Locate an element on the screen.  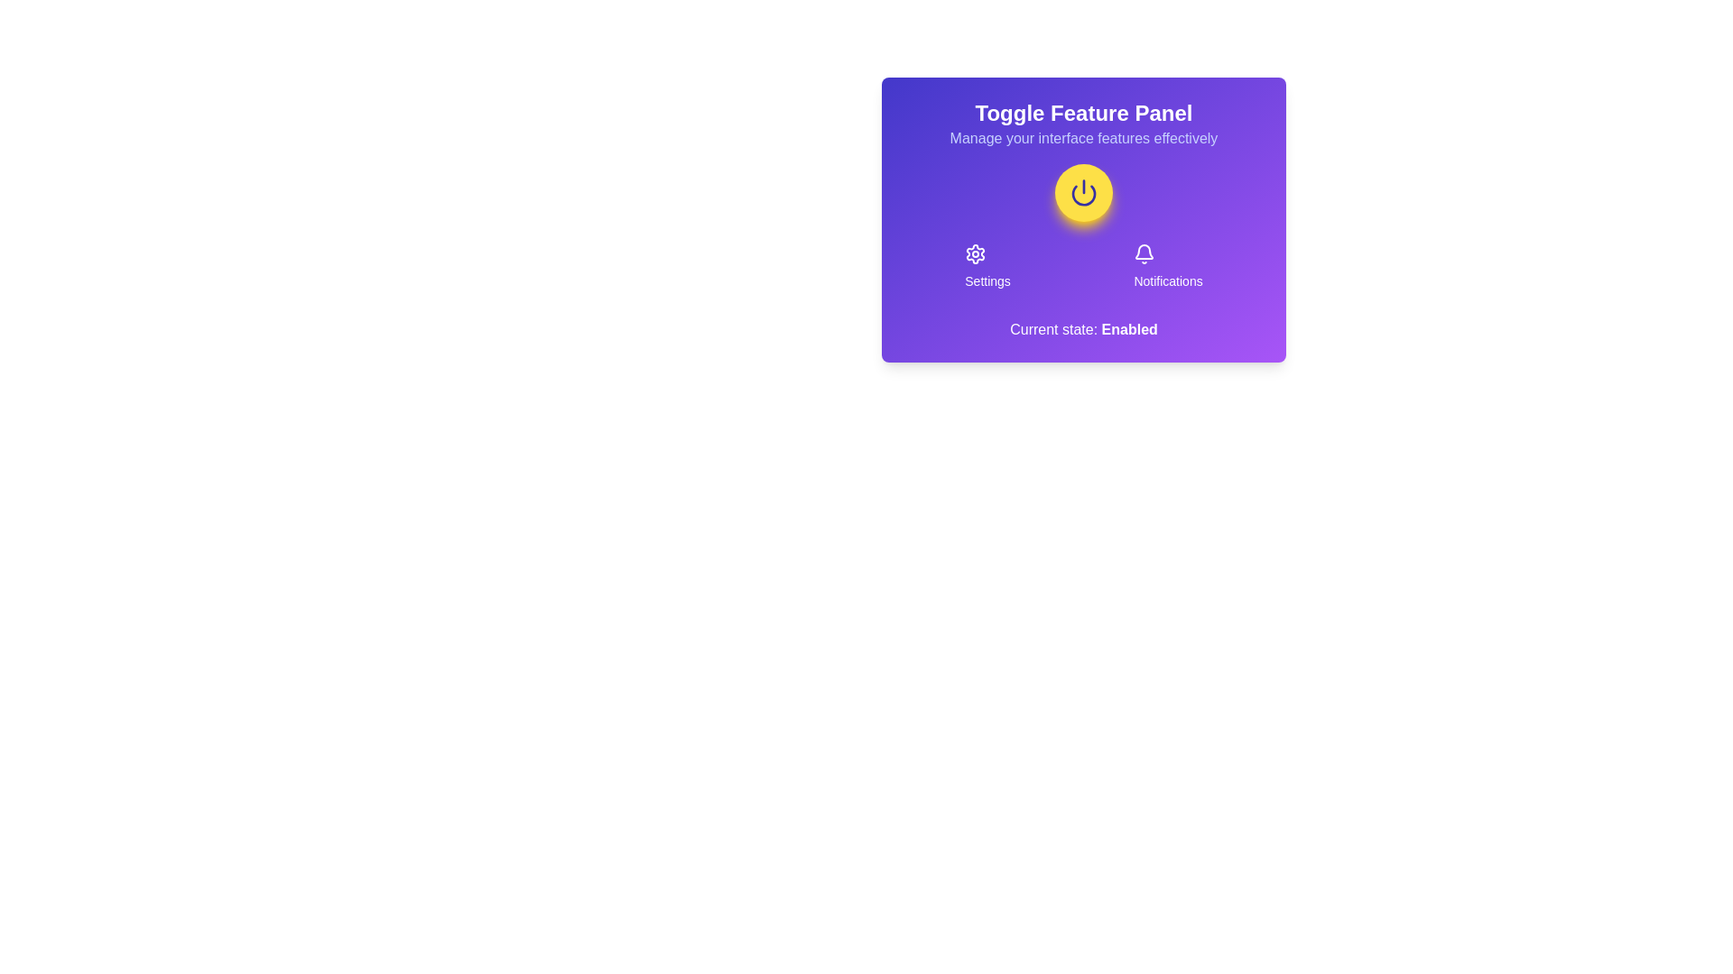
the circular yellow button with a power icon in the center, located within the purple rectangular panel is located at coordinates (1083, 192).